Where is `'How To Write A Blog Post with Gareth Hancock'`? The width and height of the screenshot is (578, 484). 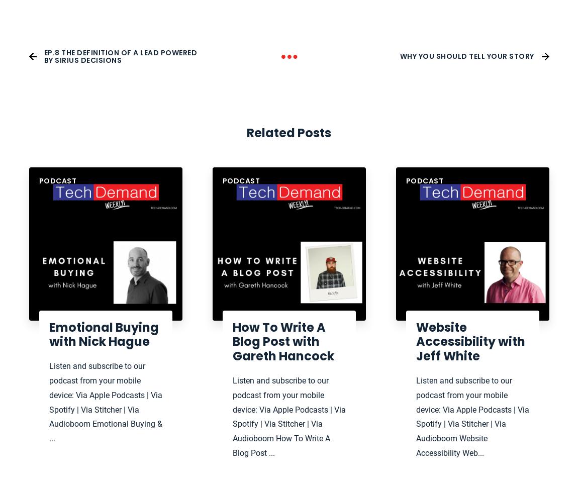
'How To Write A Blog Post with Gareth Hancock' is located at coordinates (283, 341).